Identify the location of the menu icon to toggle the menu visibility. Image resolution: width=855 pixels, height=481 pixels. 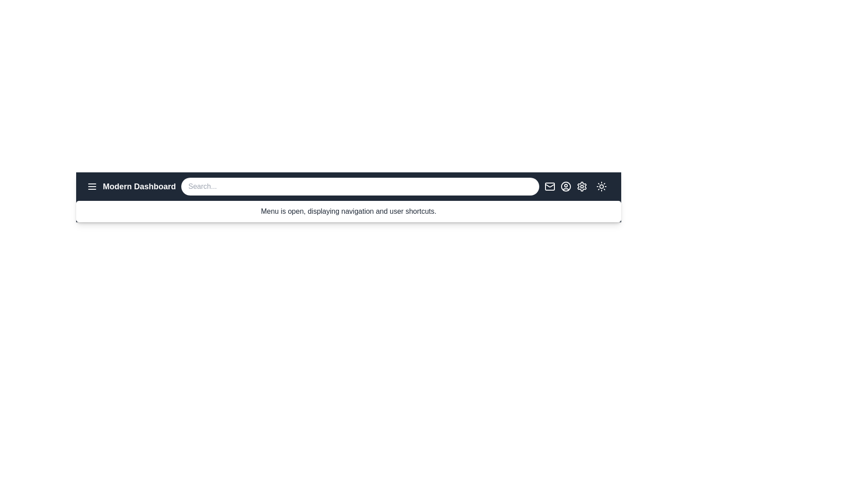
(92, 186).